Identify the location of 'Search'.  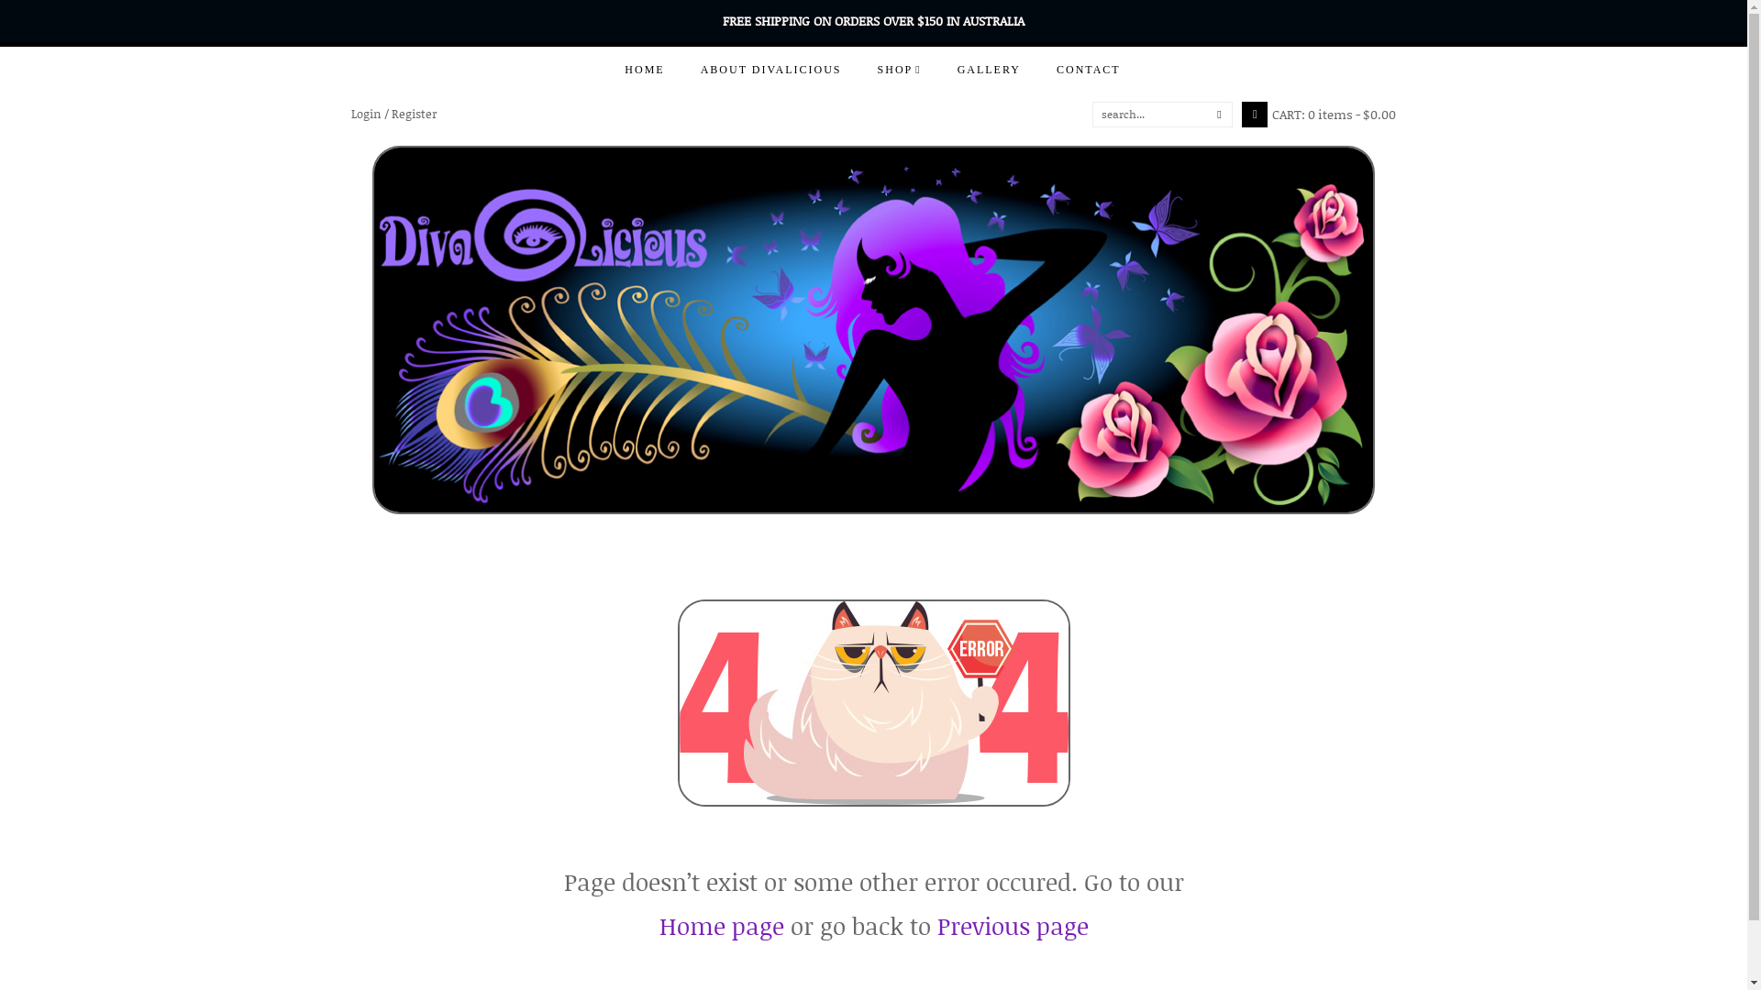
(1092, 114).